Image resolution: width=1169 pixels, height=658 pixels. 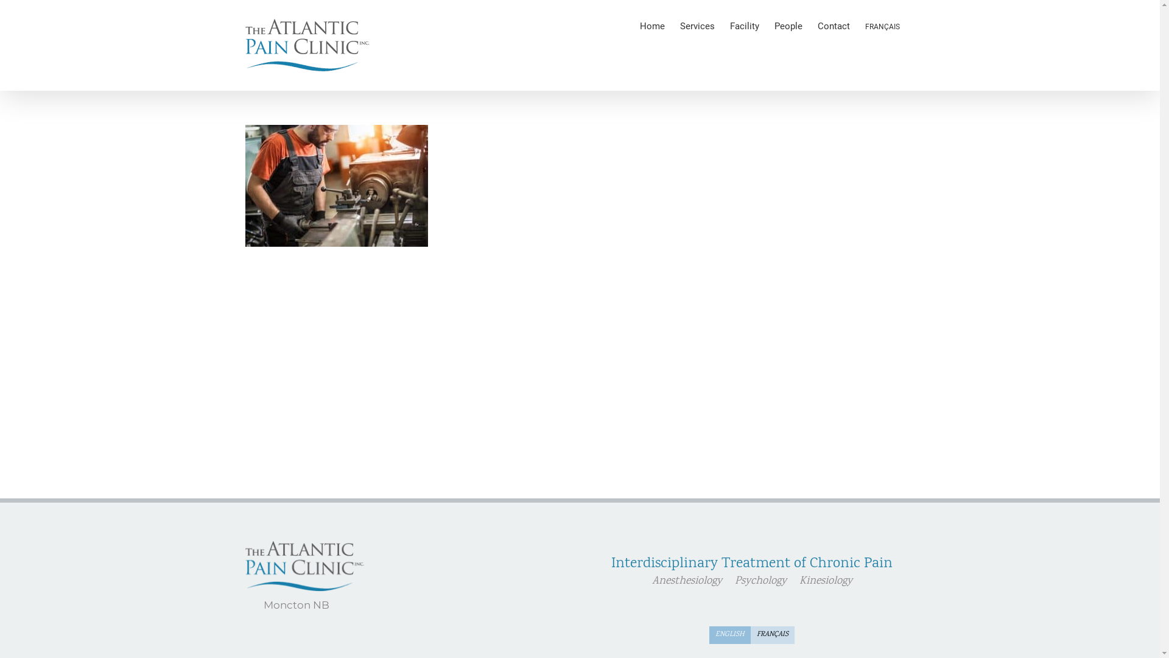 What do you see at coordinates (639, 26) in the screenshot?
I see `'Home'` at bounding box center [639, 26].